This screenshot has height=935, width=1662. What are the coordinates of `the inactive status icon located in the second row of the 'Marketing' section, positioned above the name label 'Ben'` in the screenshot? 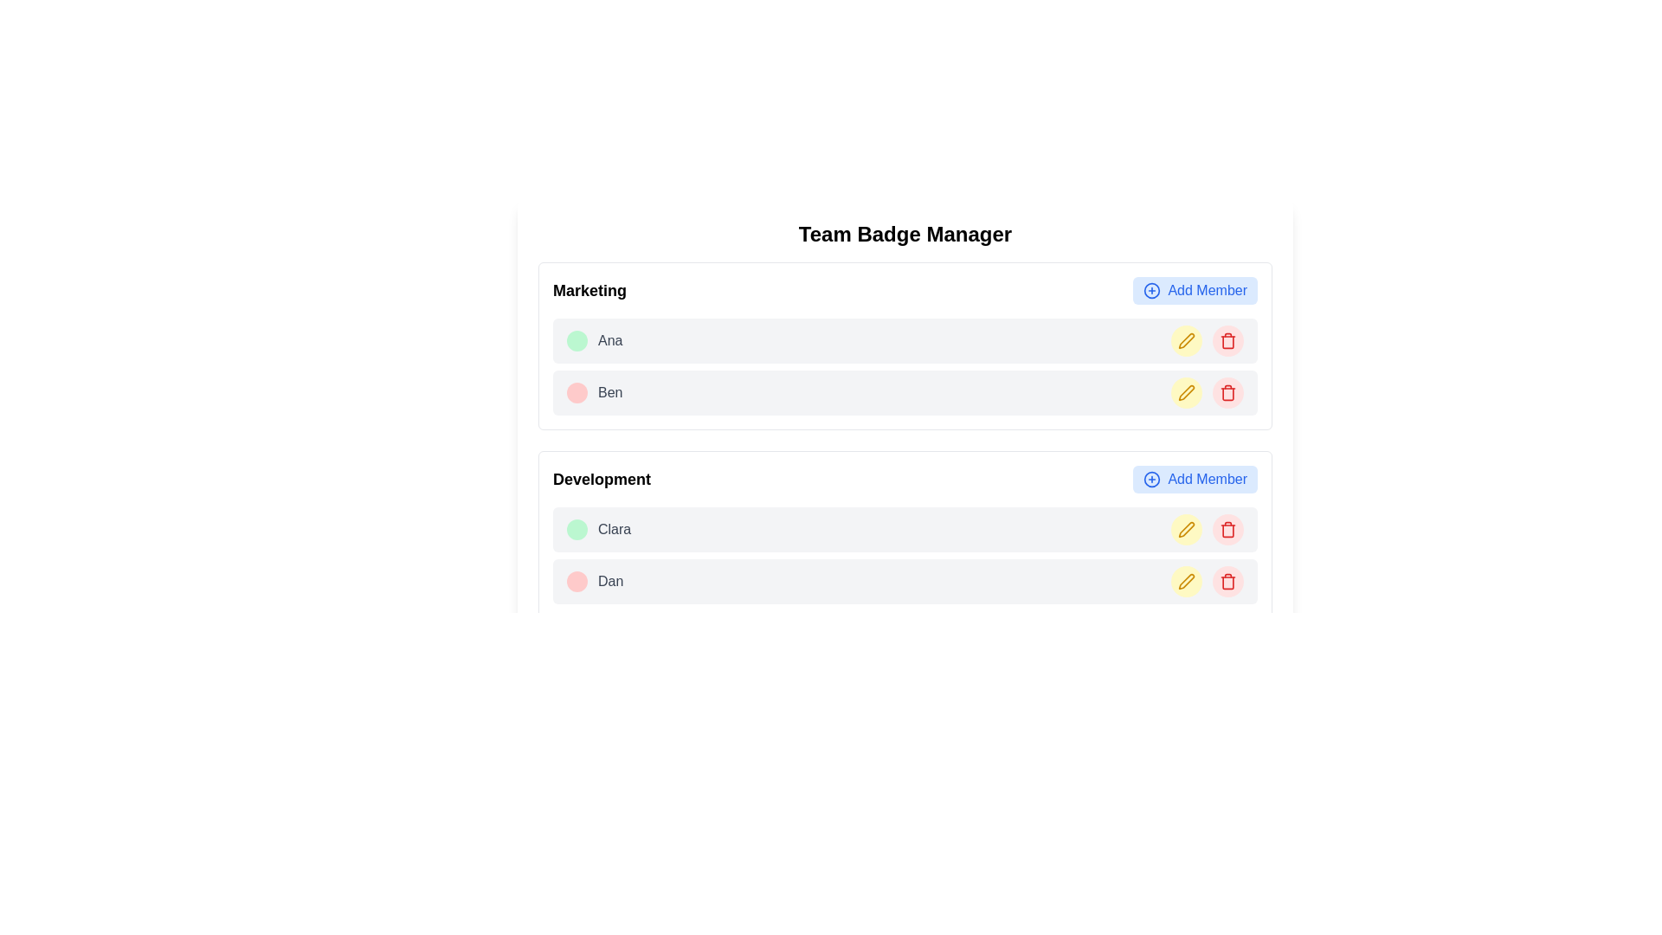 It's located at (587, 397).